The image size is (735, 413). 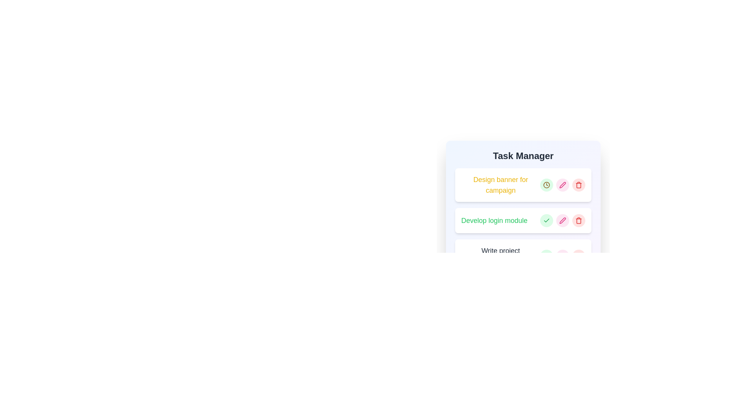 I want to click on the confirmation button located, so click(x=546, y=221).